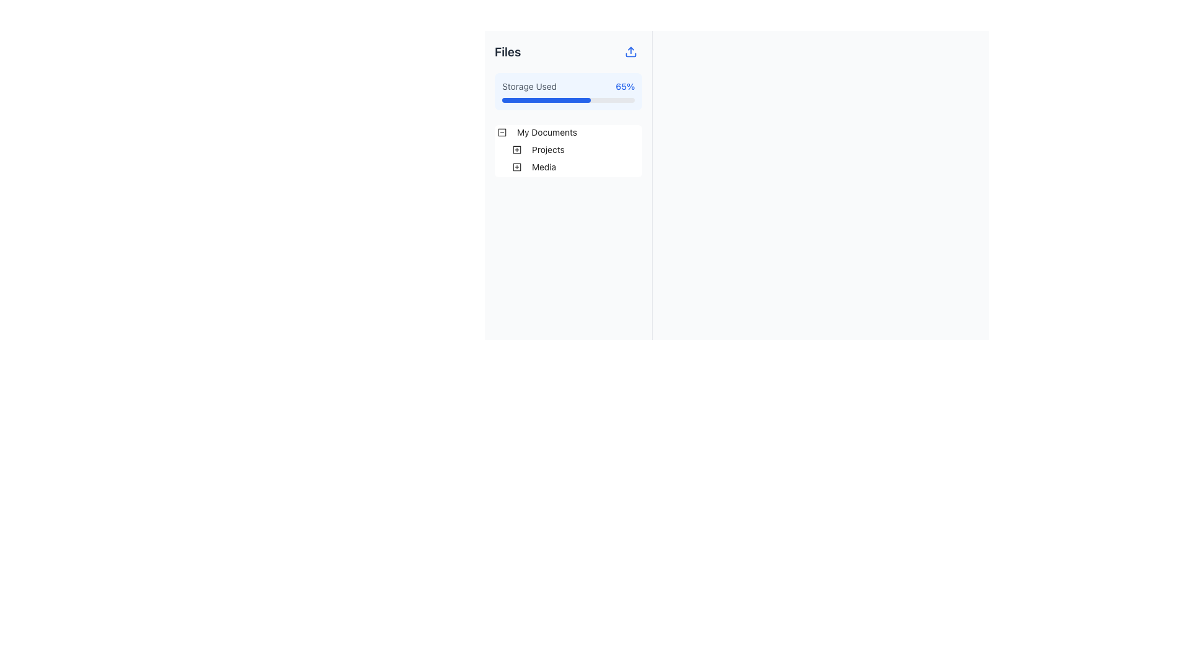  Describe the element at coordinates (546, 100) in the screenshot. I see `the blue progress bar segment representing part of the storage usage display, located under the 'Storage Used' label and beside the '65%' text` at that location.